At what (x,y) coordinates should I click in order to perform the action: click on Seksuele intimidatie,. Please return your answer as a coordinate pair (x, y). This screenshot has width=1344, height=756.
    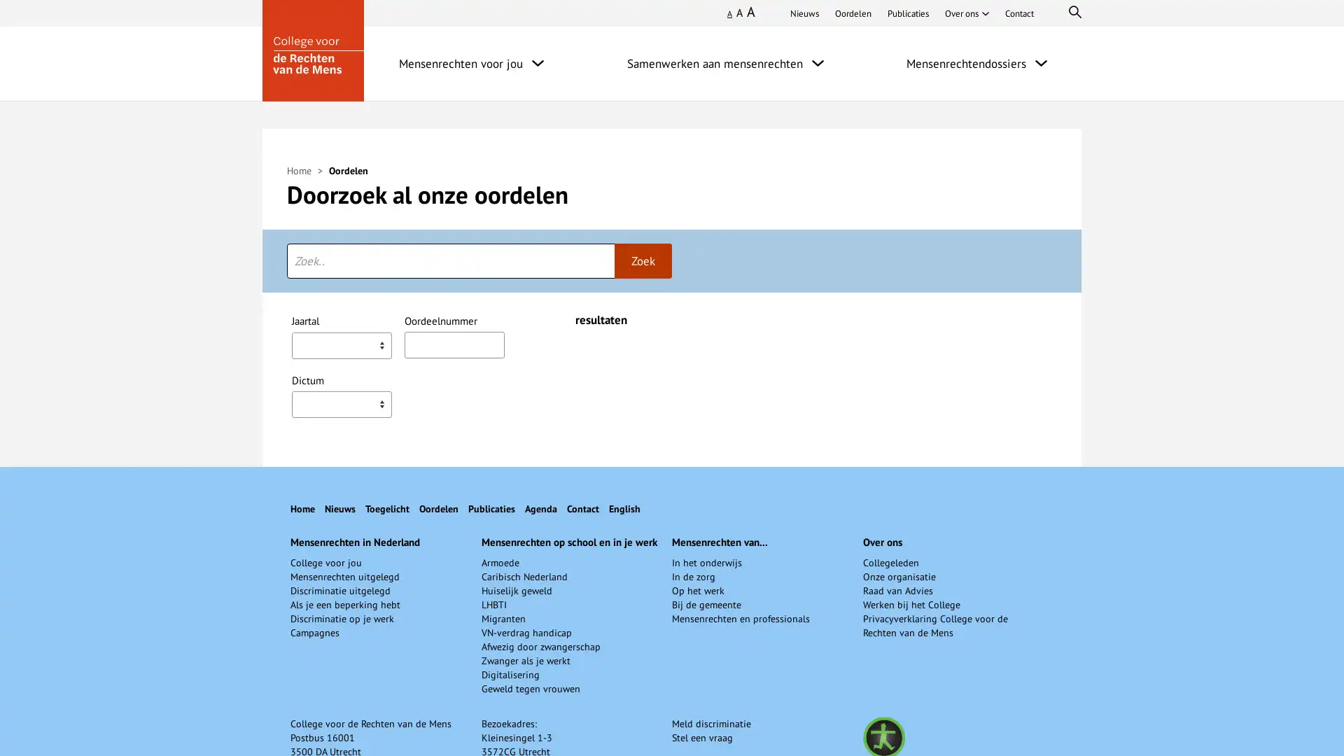
    Looking at the image, I should click on (676, 564).